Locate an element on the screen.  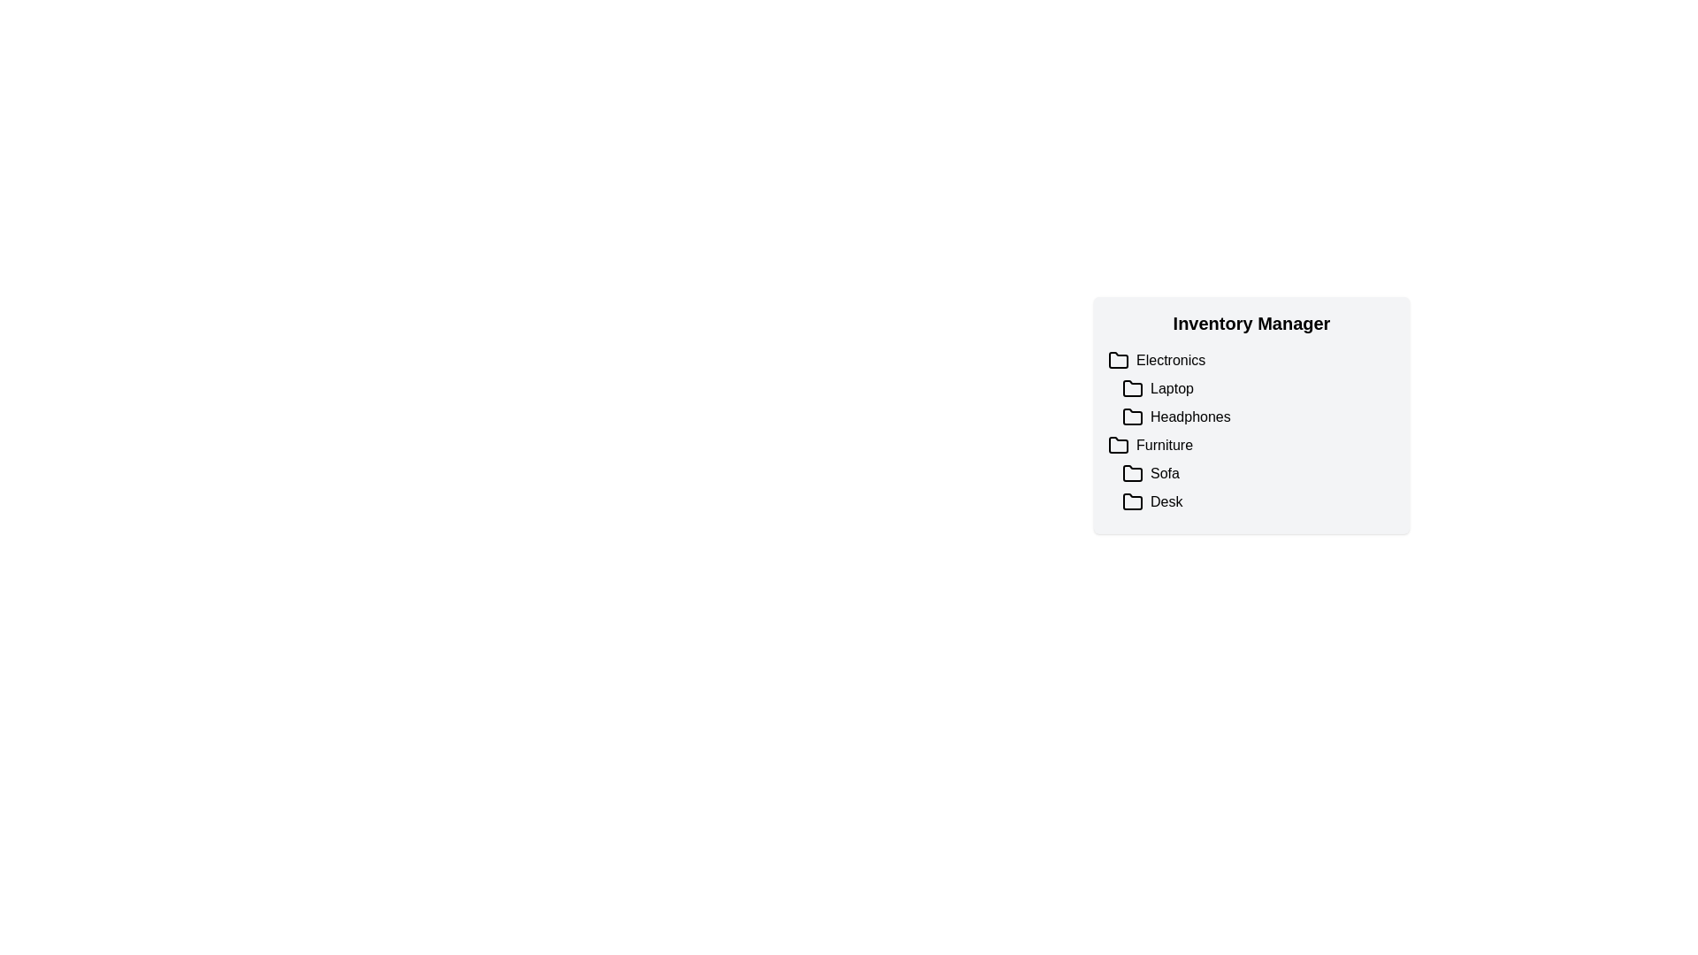
the folder icon located to the left of the 'Laptop' label in the Inventory Manager menu, which is the second item in the vertical list is located at coordinates (1133, 387).